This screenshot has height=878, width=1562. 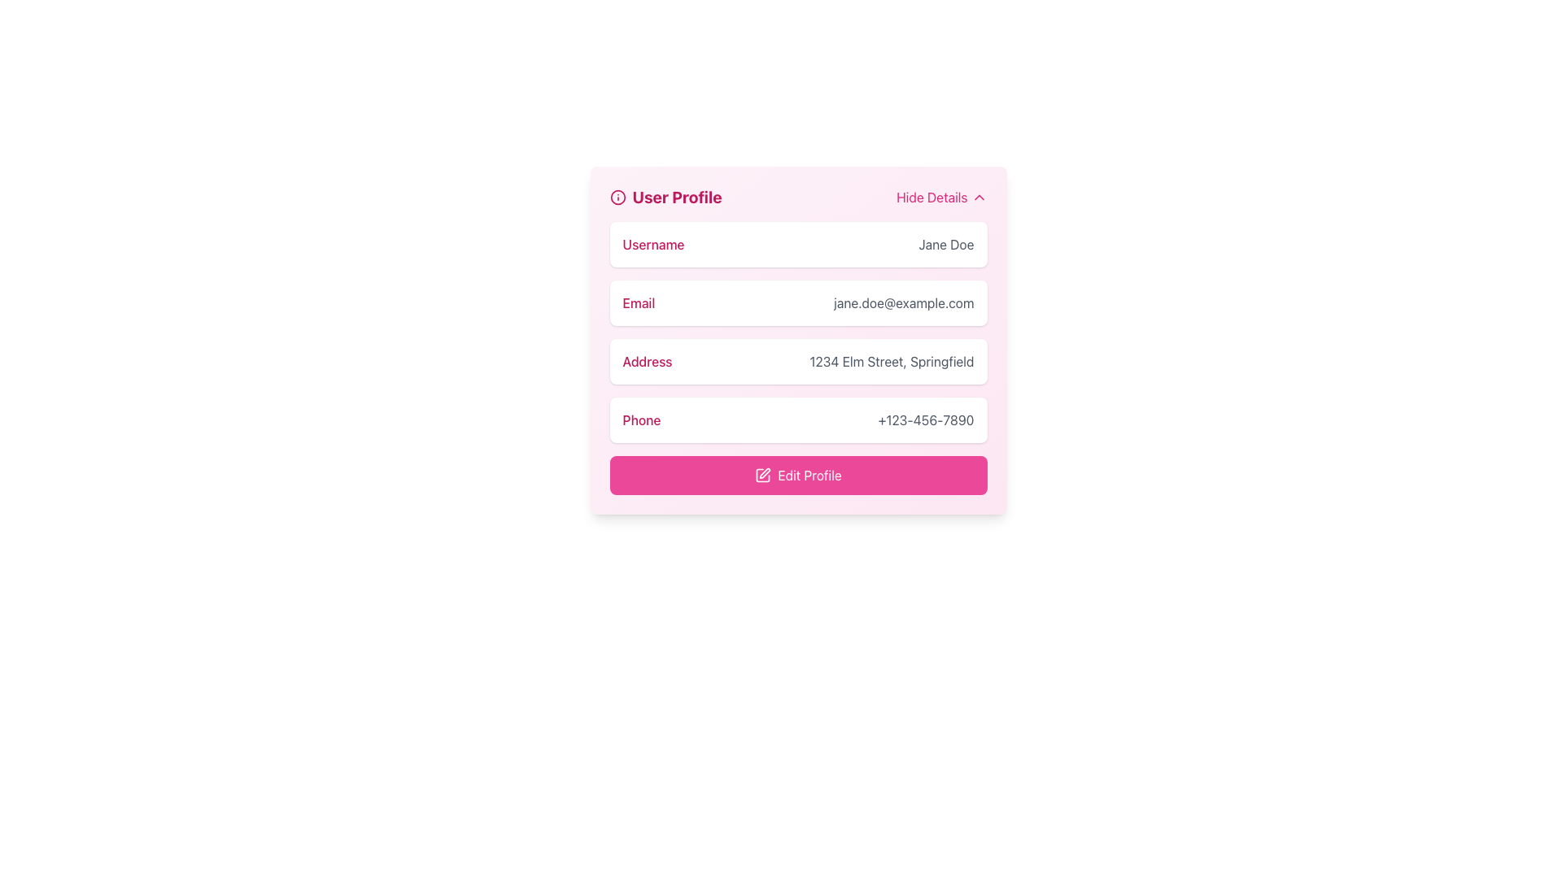 I want to click on the email address display element, which is located directly to the right of the 'Email' label and serves as a non-interactive informational display, so click(x=903, y=303).